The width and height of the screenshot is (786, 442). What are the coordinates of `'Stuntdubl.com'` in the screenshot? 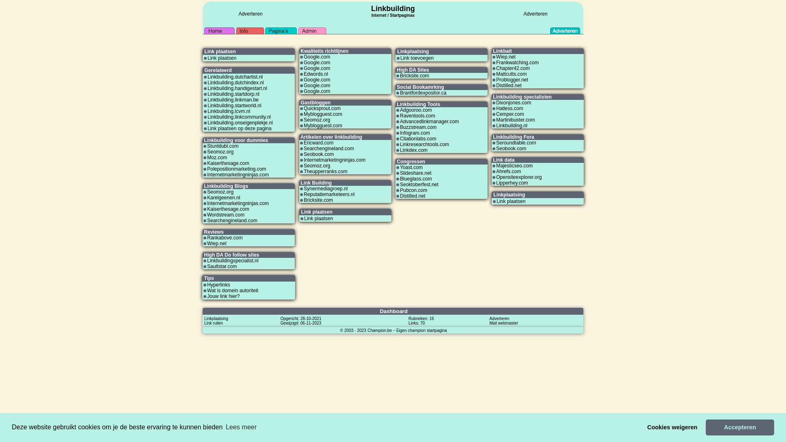 It's located at (223, 146).